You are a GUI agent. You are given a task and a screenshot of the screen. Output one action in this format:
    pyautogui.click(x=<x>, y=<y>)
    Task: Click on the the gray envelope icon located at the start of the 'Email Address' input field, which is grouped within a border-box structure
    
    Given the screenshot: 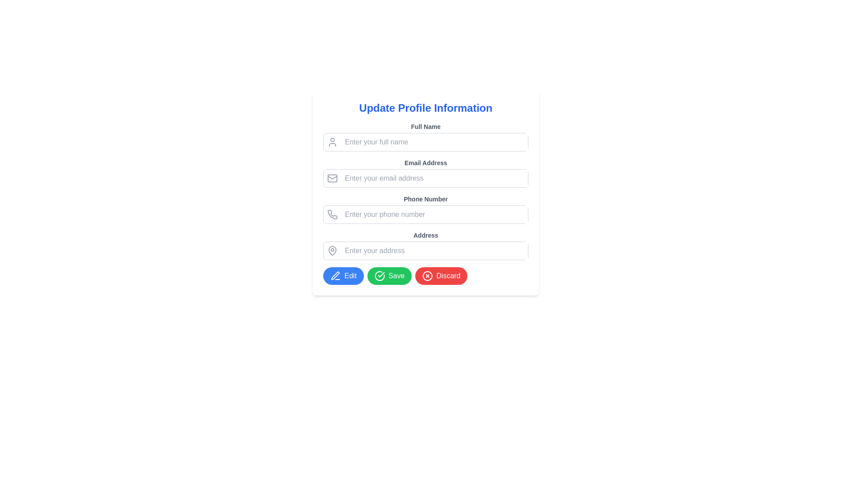 What is the action you would take?
    pyautogui.click(x=332, y=178)
    